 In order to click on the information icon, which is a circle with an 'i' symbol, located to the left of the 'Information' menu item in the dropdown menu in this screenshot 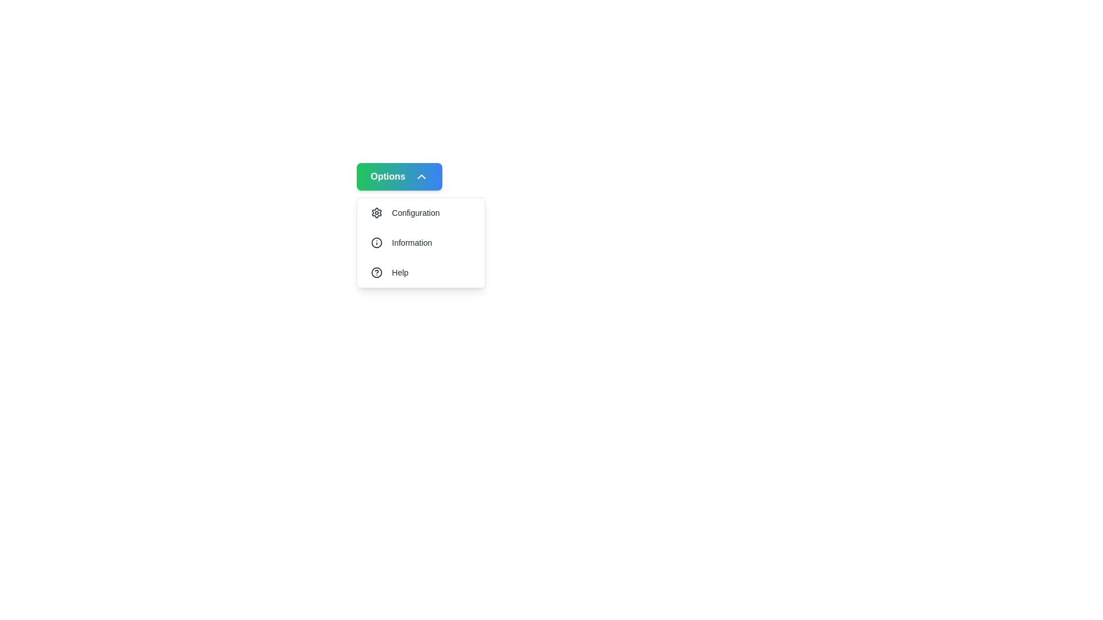, I will do `click(377, 242)`.